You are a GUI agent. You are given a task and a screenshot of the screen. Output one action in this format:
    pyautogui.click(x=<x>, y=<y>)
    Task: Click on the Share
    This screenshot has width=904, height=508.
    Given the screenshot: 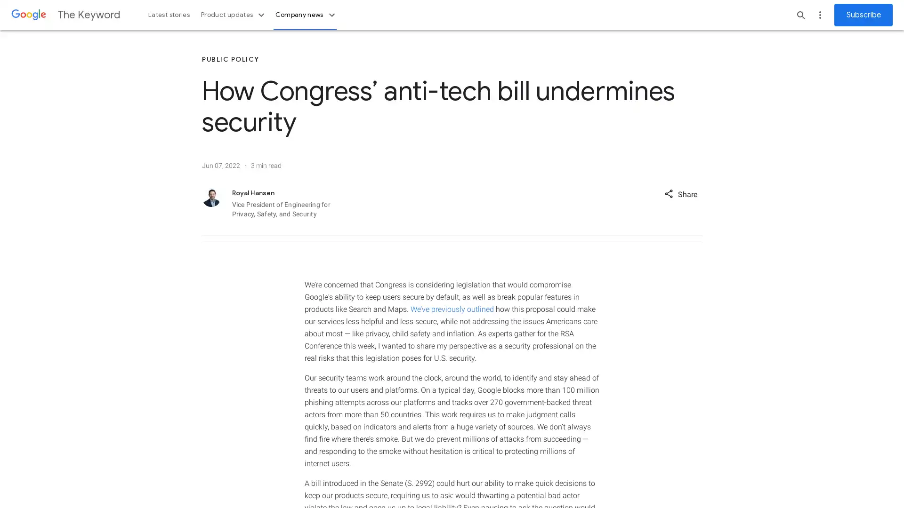 What is the action you would take?
    pyautogui.click(x=680, y=193)
    